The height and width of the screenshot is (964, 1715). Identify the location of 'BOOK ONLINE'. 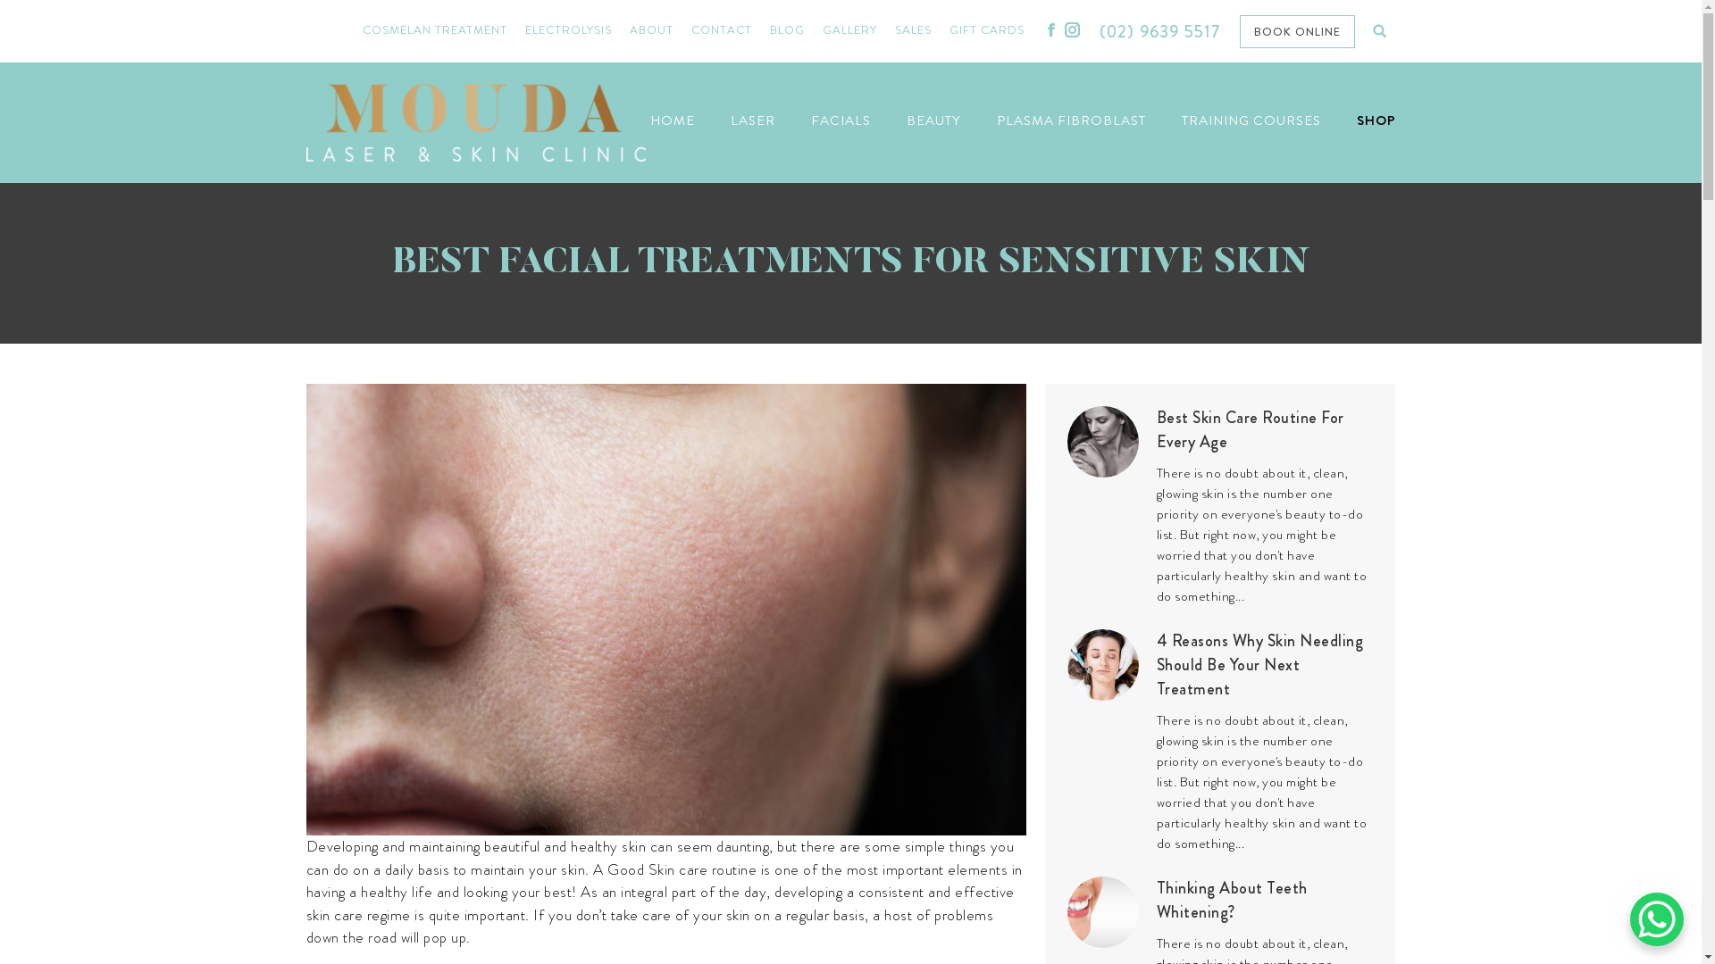
(1238, 30).